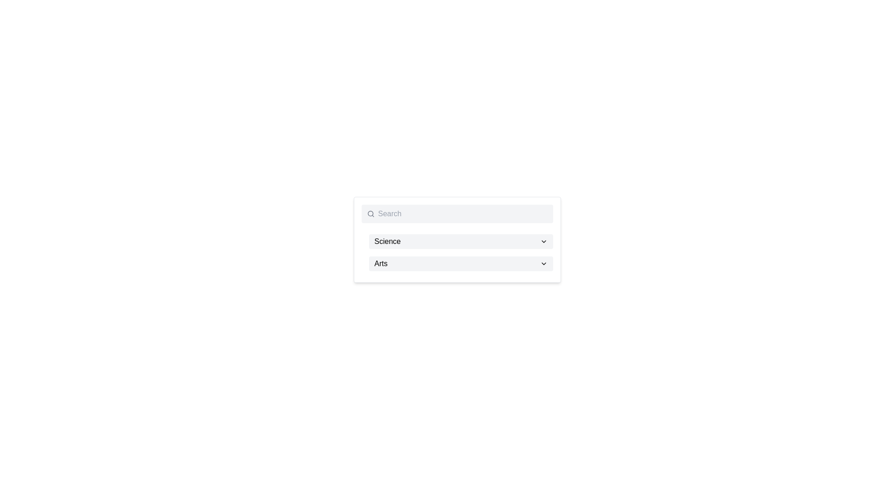 The height and width of the screenshot is (499, 888). What do you see at coordinates (457, 239) in the screenshot?
I see `the 'Science' dropdown menu item, which is the first selectable item in a vertical stack of dropdown containers` at bounding box center [457, 239].